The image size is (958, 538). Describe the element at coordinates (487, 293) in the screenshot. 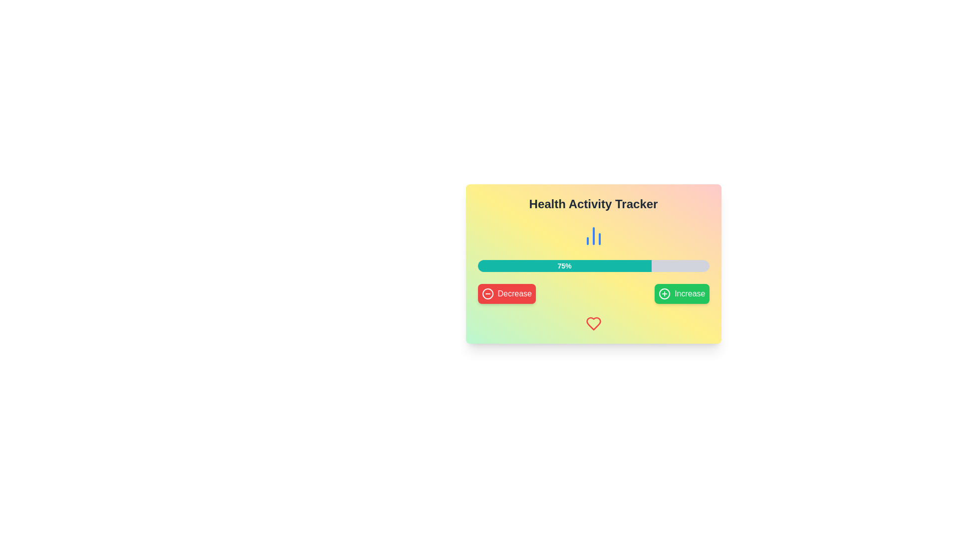

I see `circular shape element that visually indicates a decrement action, which is positioned centrally relative to the 'Decrease' button` at that location.